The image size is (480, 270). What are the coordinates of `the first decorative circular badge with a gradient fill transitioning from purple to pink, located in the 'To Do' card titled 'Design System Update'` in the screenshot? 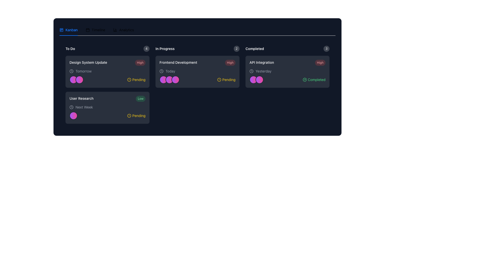 It's located at (73, 79).